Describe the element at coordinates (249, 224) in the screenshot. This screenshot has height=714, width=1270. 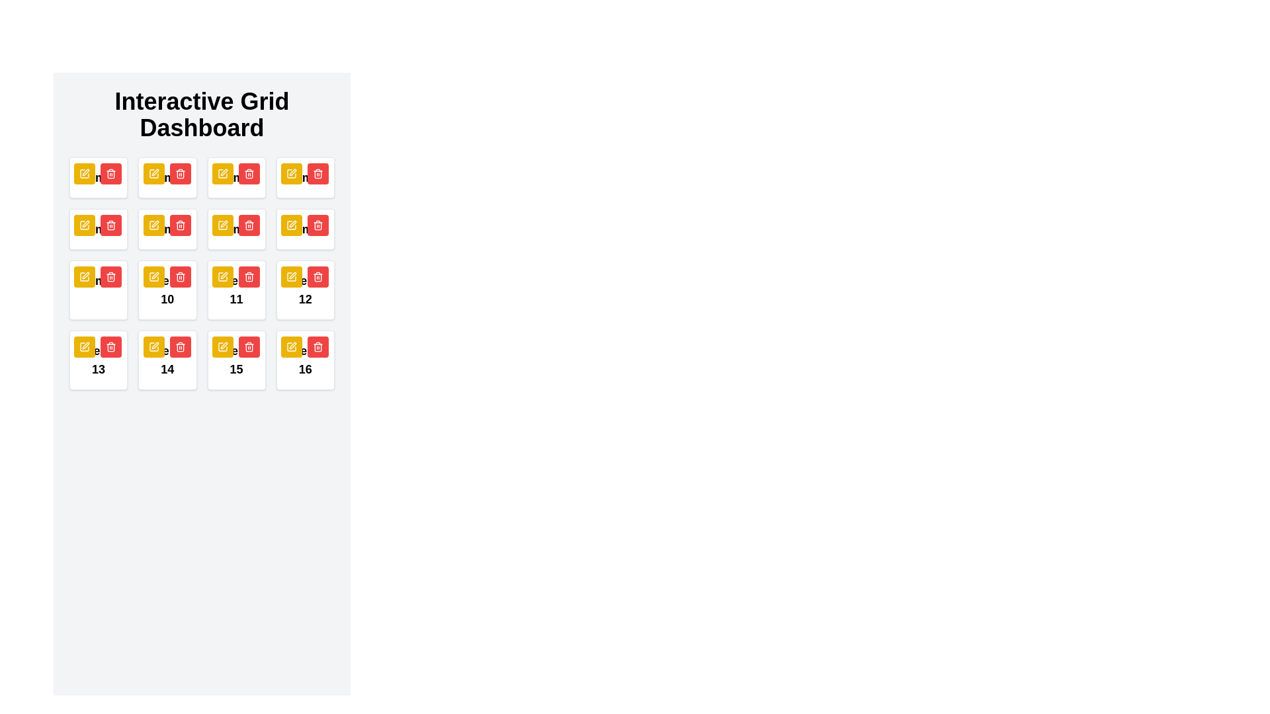
I see `the small, square-shaped red button with a trash can icon` at that location.